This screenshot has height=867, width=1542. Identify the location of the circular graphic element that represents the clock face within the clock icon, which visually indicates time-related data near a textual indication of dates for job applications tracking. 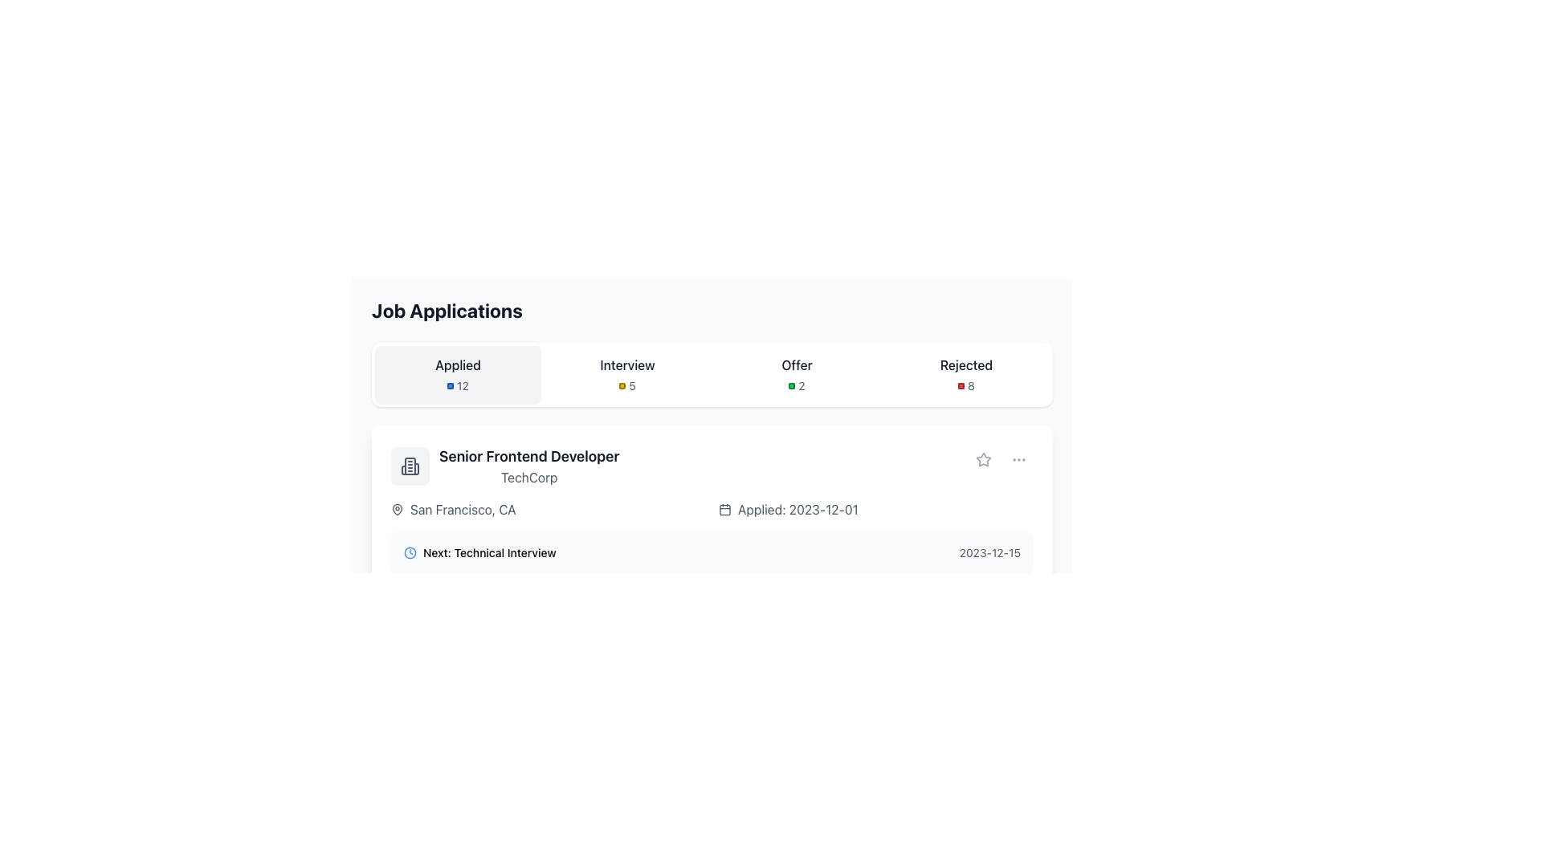
(410, 552).